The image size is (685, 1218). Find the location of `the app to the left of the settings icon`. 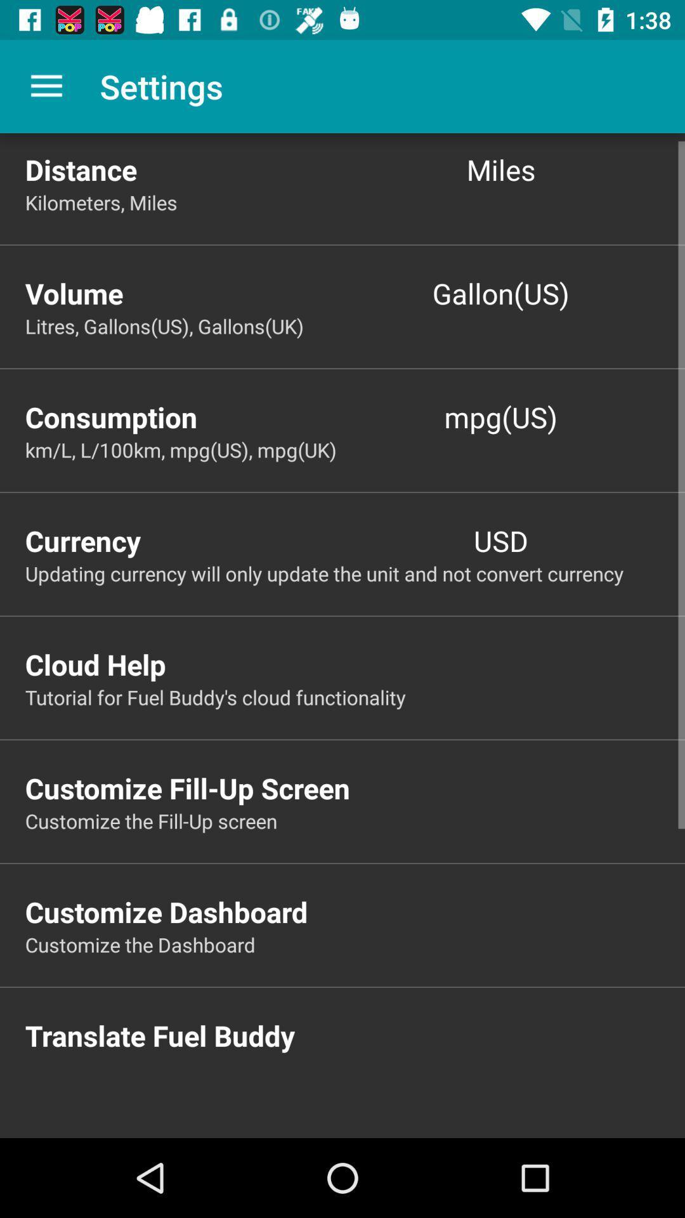

the app to the left of the settings icon is located at coordinates (46, 86).